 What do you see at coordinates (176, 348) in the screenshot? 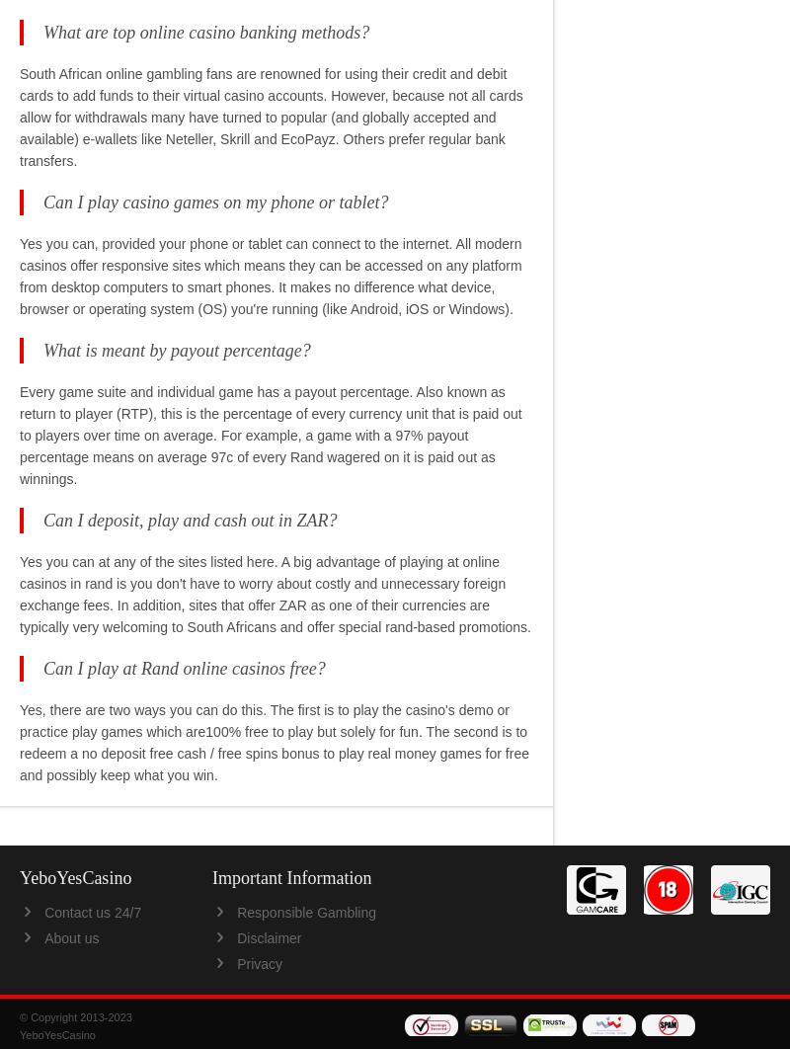
I see `'What is meant by payout percentage?'` at bounding box center [176, 348].